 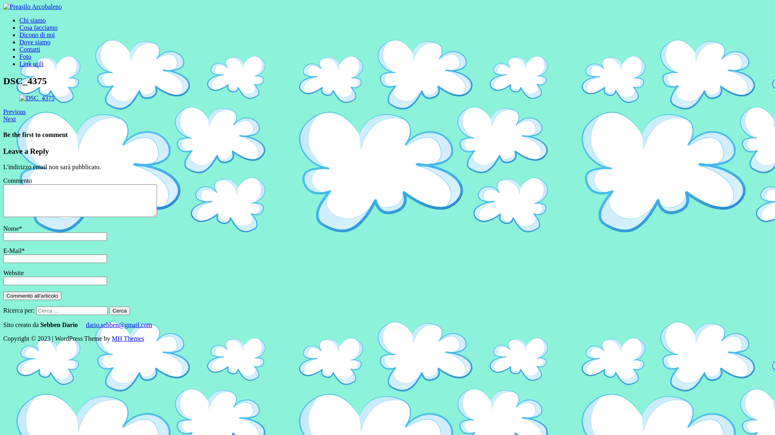 What do you see at coordinates (25, 56) in the screenshot?
I see `'Foto'` at bounding box center [25, 56].